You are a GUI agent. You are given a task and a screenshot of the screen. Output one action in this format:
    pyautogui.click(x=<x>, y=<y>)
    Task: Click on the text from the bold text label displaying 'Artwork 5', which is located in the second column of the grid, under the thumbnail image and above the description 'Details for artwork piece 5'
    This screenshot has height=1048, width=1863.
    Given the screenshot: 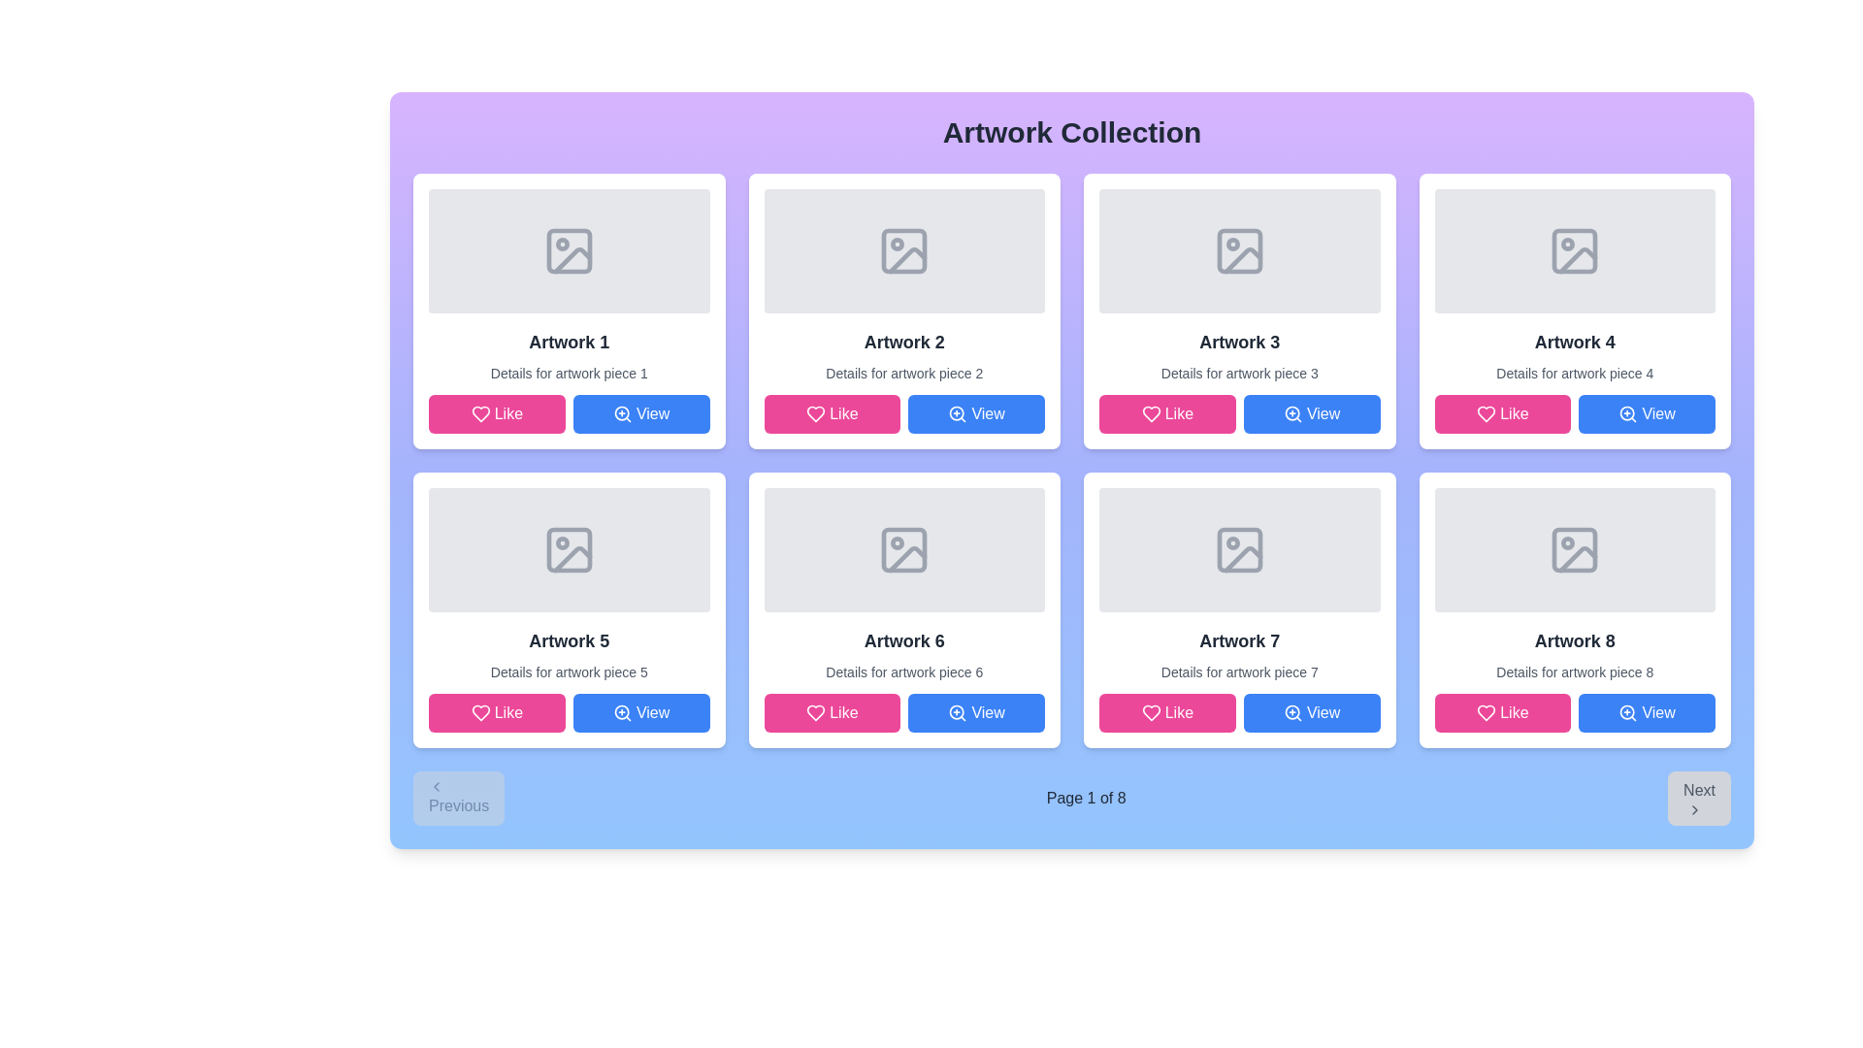 What is the action you would take?
    pyautogui.click(x=568, y=640)
    